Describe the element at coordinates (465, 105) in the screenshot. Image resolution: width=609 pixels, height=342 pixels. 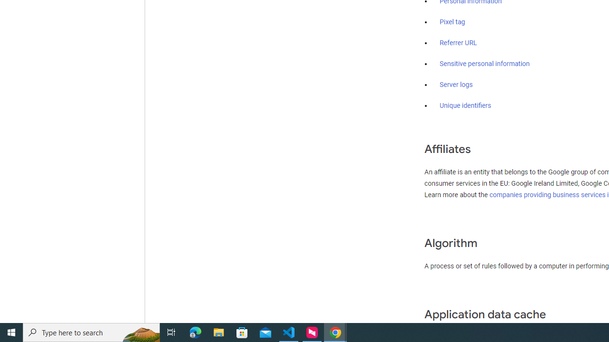
I see `'Unique identifiers'` at that location.